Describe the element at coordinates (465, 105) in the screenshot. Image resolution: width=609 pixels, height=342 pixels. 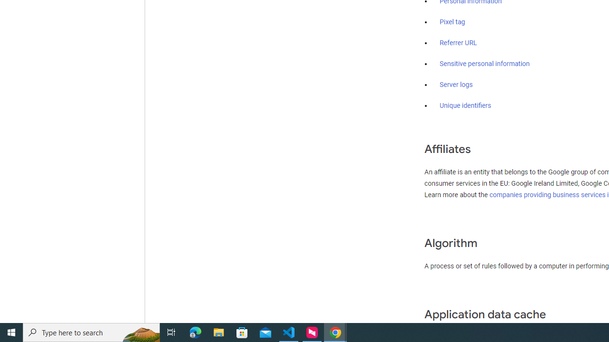
I see `'Unique identifiers'` at that location.